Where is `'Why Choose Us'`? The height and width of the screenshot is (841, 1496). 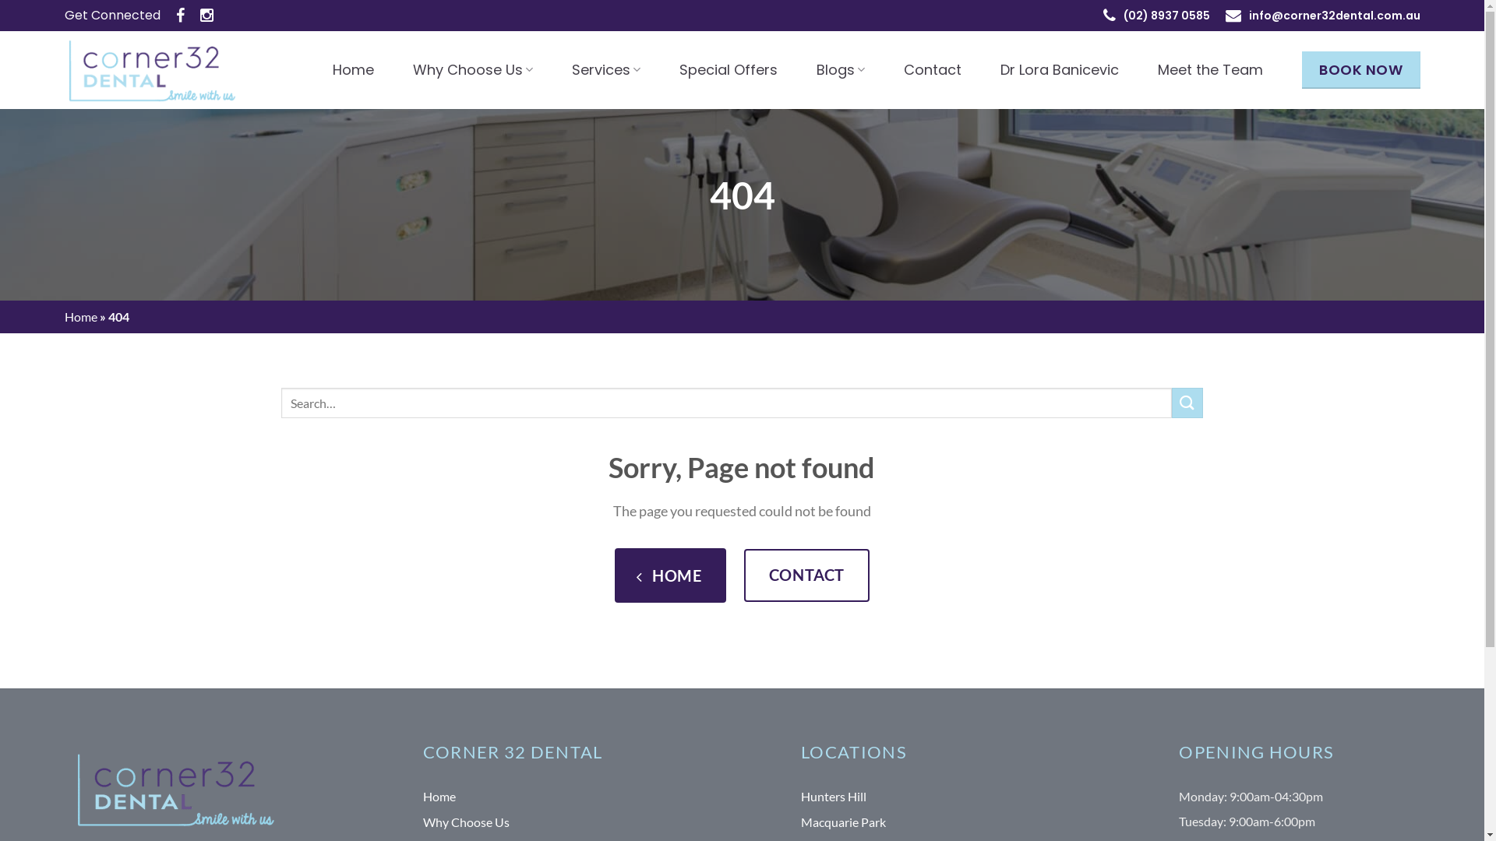 'Why Choose Us' is located at coordinates (422, 822).